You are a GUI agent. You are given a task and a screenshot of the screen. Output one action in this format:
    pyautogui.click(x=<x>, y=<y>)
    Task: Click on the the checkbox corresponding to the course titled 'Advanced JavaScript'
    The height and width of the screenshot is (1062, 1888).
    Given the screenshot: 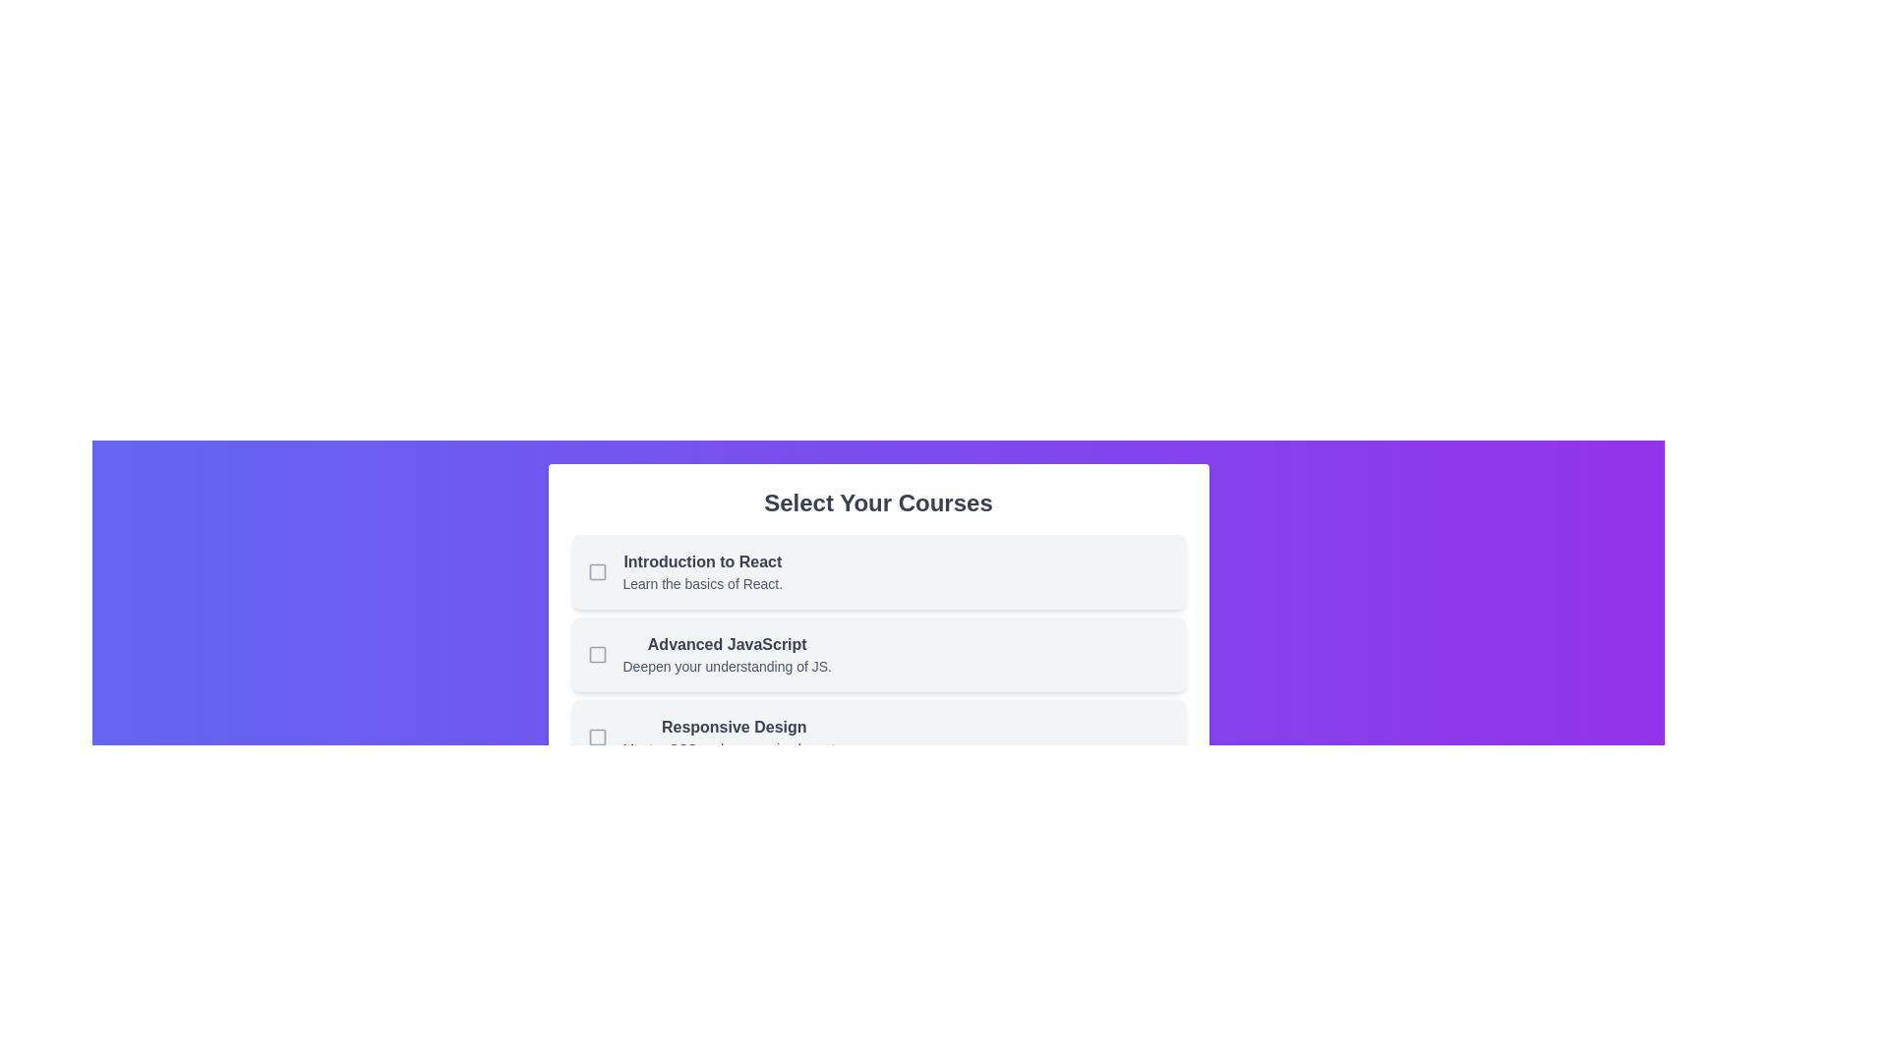 What is the action you would take?
    pyautogui.click(x=596, y=655)
    